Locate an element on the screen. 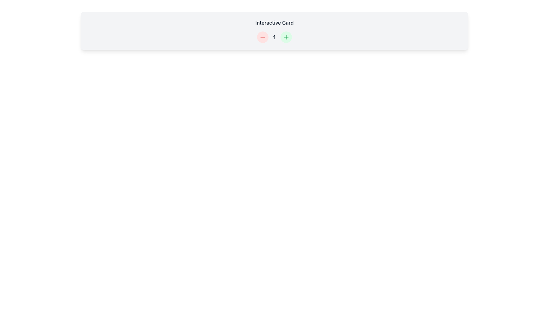 The image size is (549, 309). the green plus sign button located inside a light green circular button is located at coordinates (286, 37).